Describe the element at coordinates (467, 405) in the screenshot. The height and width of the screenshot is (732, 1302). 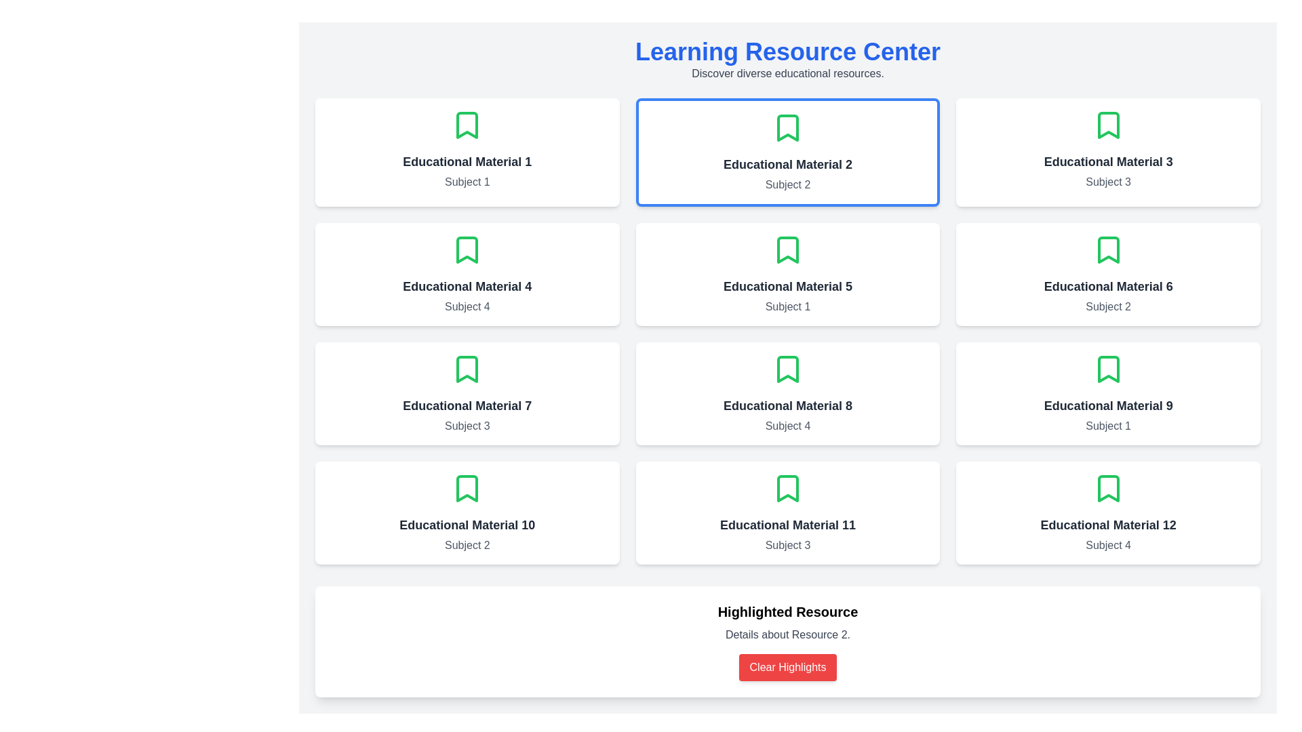
I see `the text label displaying 'Educational Material 7', which is in bold, dark gray color, and positioned in a card layout between a green bookmark icon and the text 'Subject 3'` at that location.